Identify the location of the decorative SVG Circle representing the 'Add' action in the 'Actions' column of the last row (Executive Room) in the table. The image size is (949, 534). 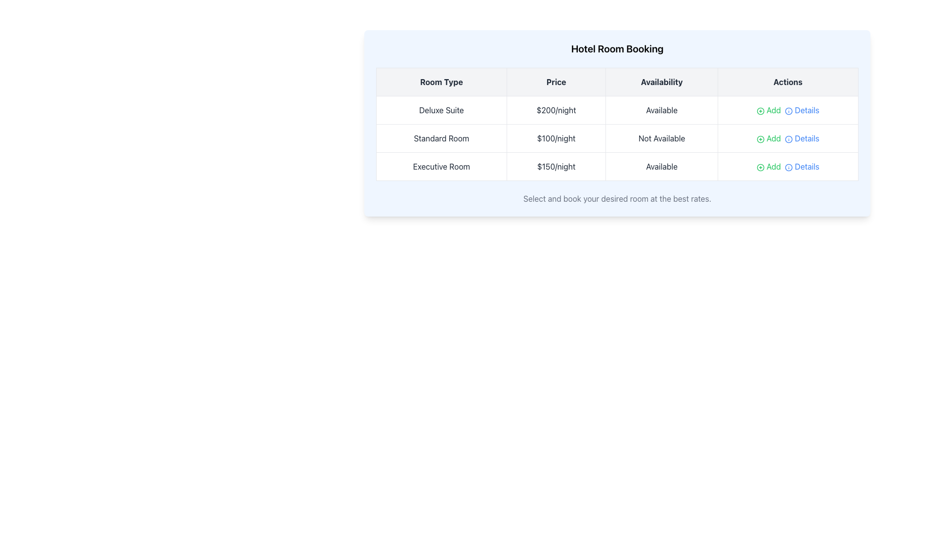
(760, 167).